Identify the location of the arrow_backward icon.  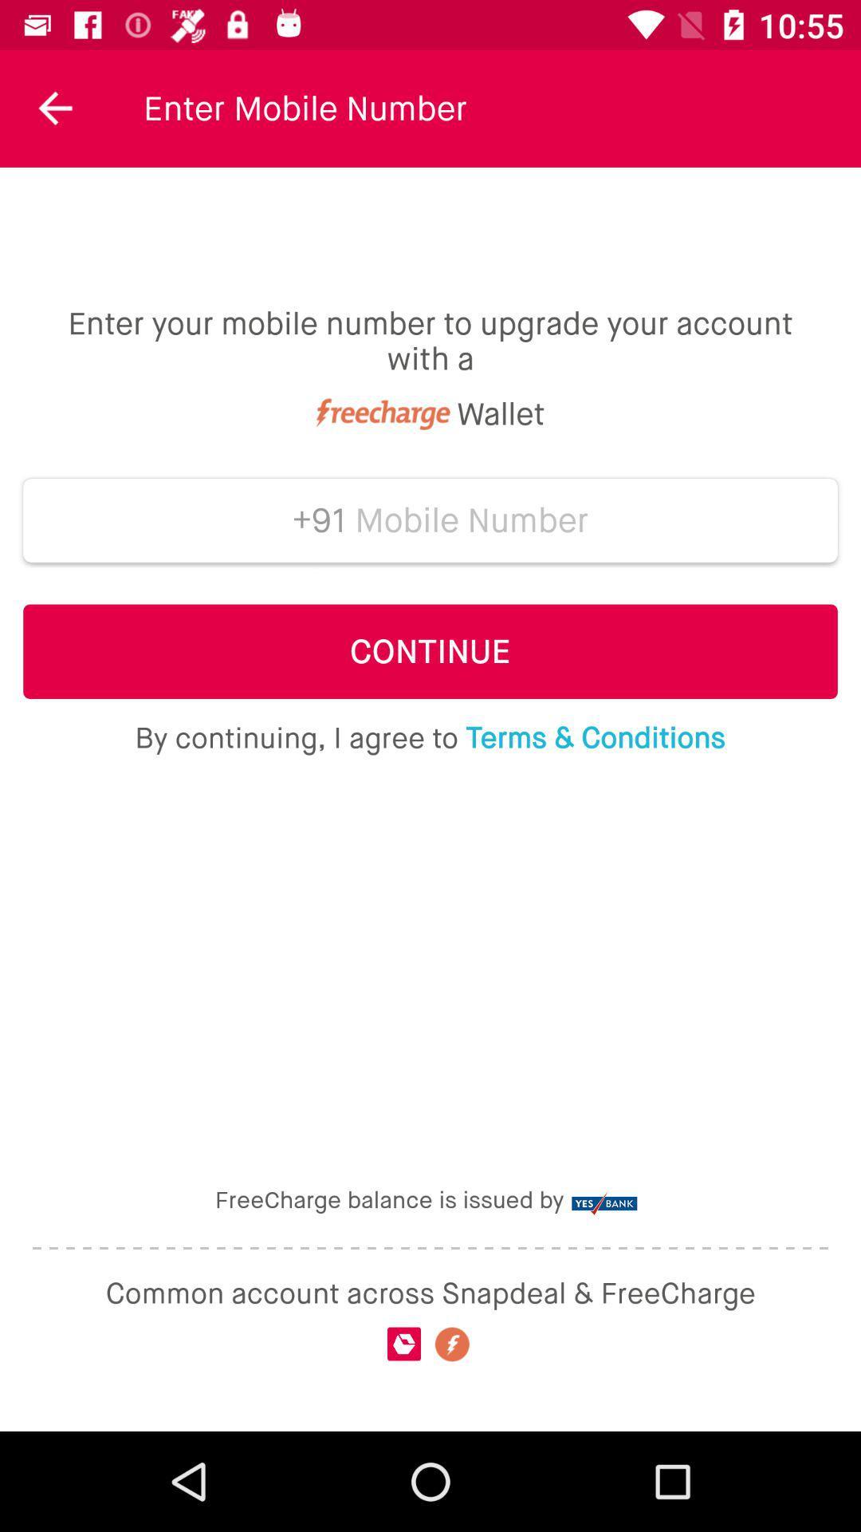
(55, 108).